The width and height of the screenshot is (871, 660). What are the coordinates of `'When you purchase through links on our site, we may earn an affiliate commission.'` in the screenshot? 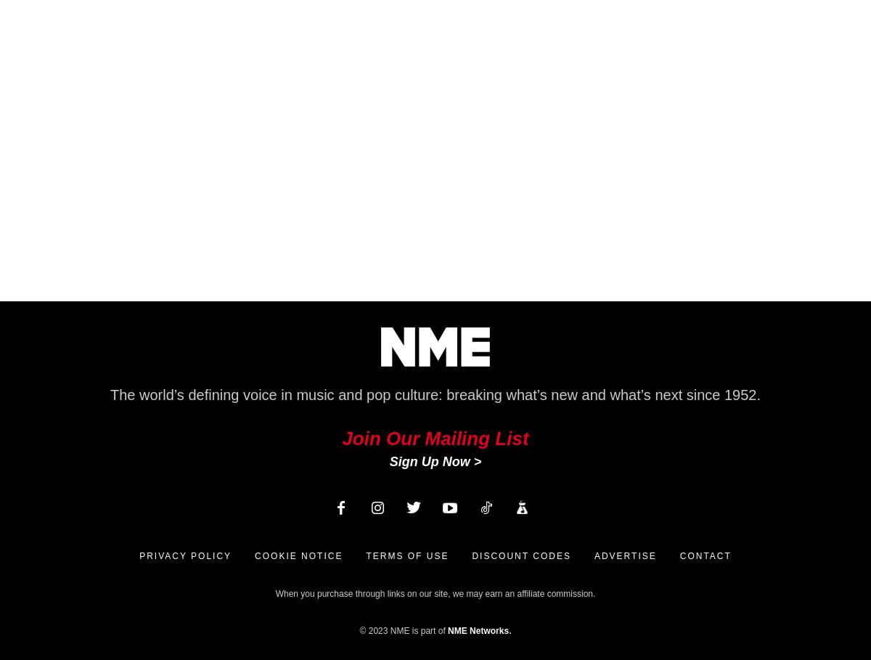 It's located at (434, 593).